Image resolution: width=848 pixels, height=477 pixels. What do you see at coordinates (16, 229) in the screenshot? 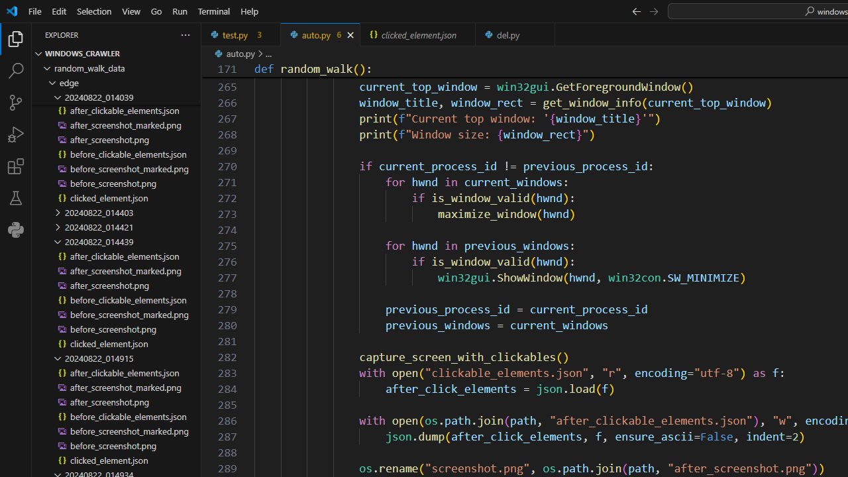
I see `'Python'` at bounding box center [16, 229].